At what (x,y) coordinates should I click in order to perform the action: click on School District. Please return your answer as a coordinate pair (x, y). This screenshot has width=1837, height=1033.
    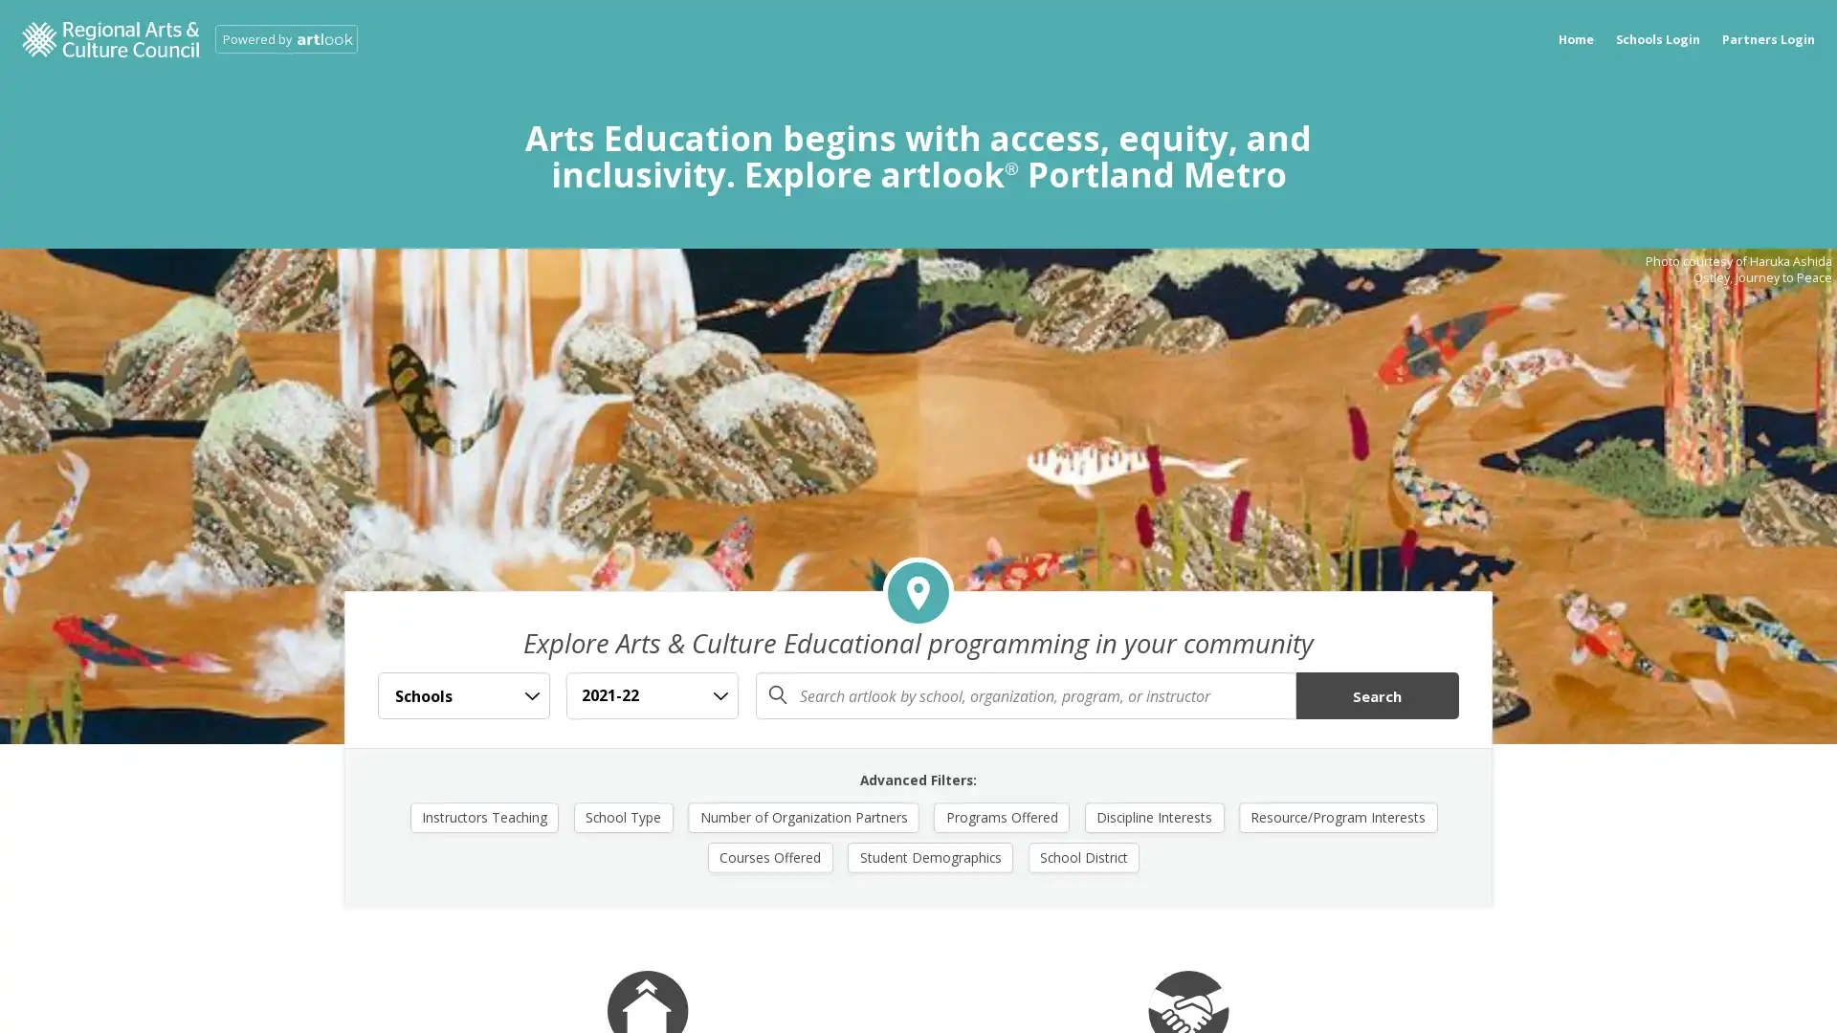
    Looking at the image, I should click on (1083, 855).